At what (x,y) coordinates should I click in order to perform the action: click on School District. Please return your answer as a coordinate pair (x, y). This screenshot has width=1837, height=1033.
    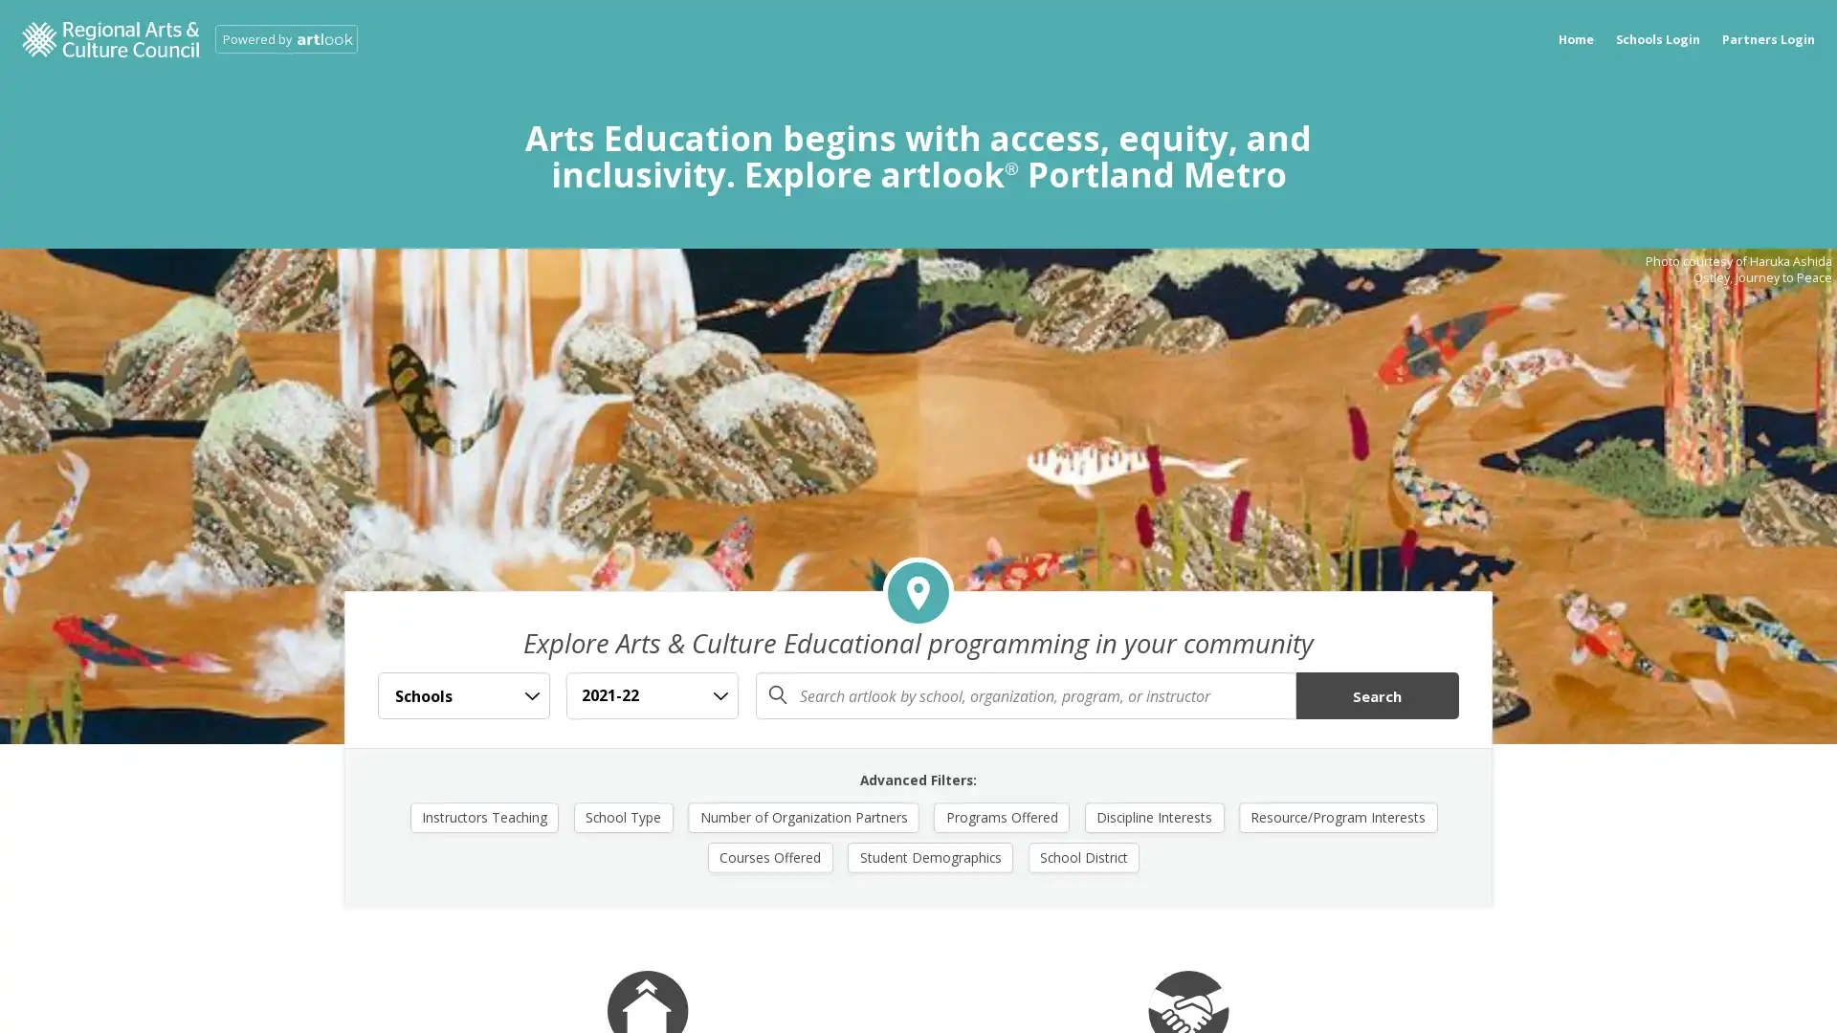
    Looking at the image, I should click on (1083, 855).